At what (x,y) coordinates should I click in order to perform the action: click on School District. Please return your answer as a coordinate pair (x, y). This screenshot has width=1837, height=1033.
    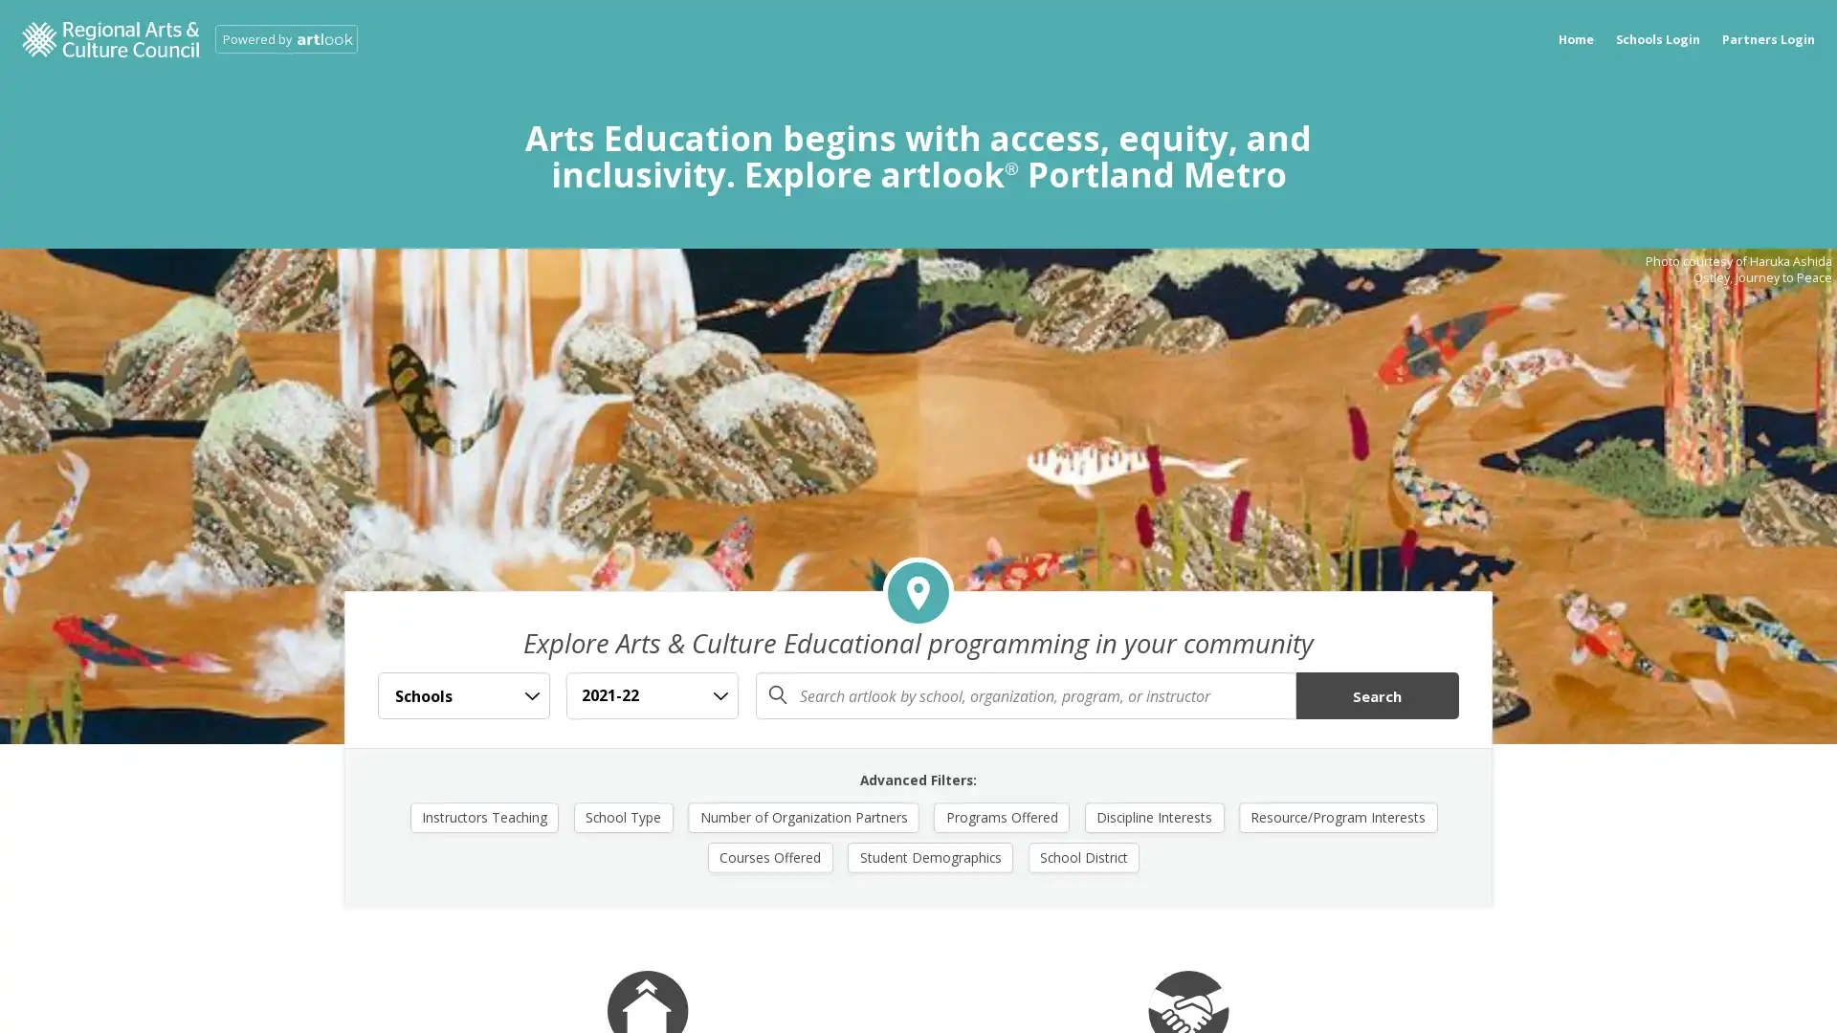
    Looking at the image, I should click on (1083, 855).